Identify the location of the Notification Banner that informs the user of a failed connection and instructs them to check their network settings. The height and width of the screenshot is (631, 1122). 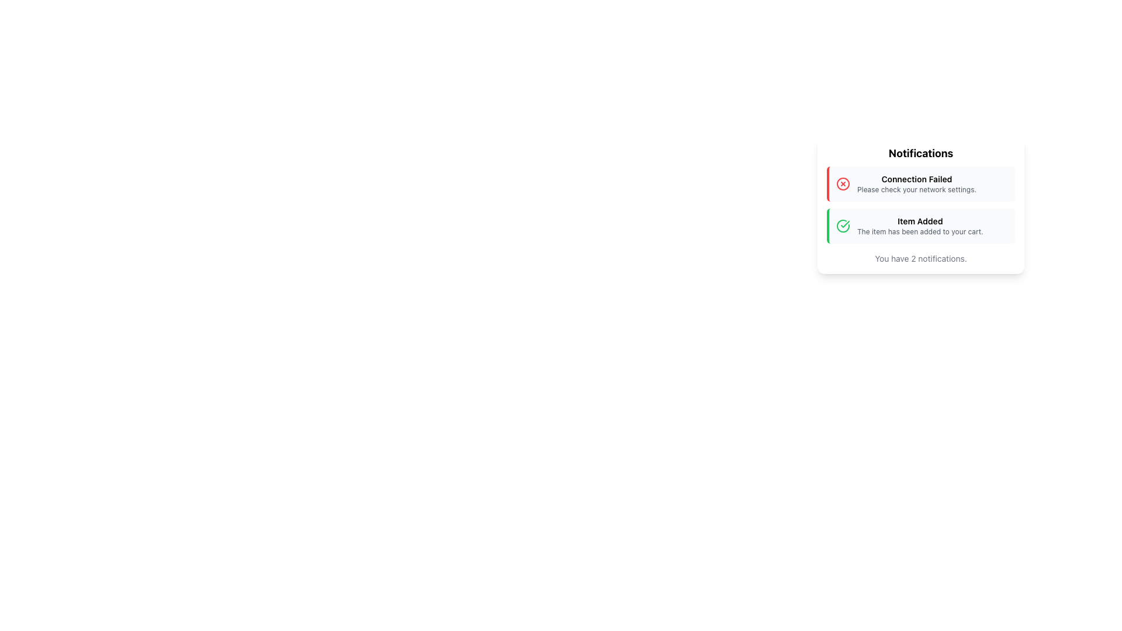
(920, 184).